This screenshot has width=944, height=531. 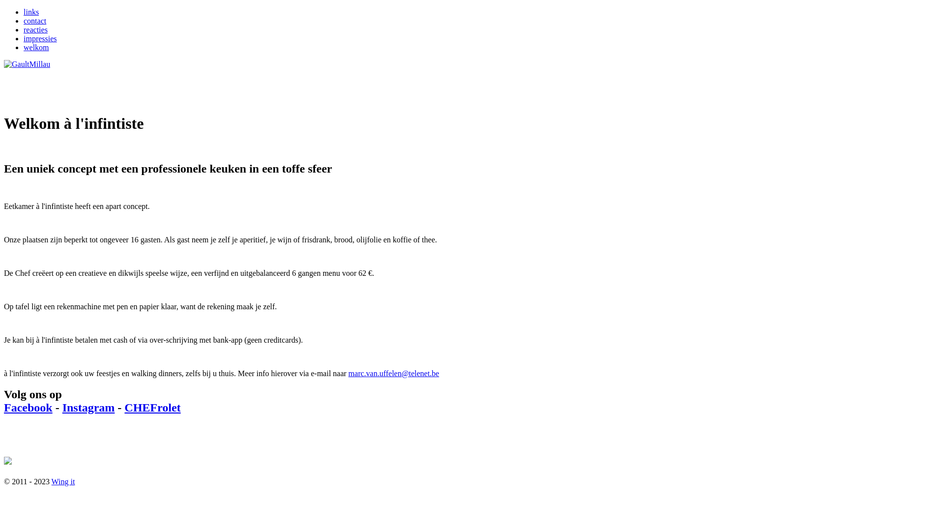 I want to click on 'links', so click(x=31, y=12).